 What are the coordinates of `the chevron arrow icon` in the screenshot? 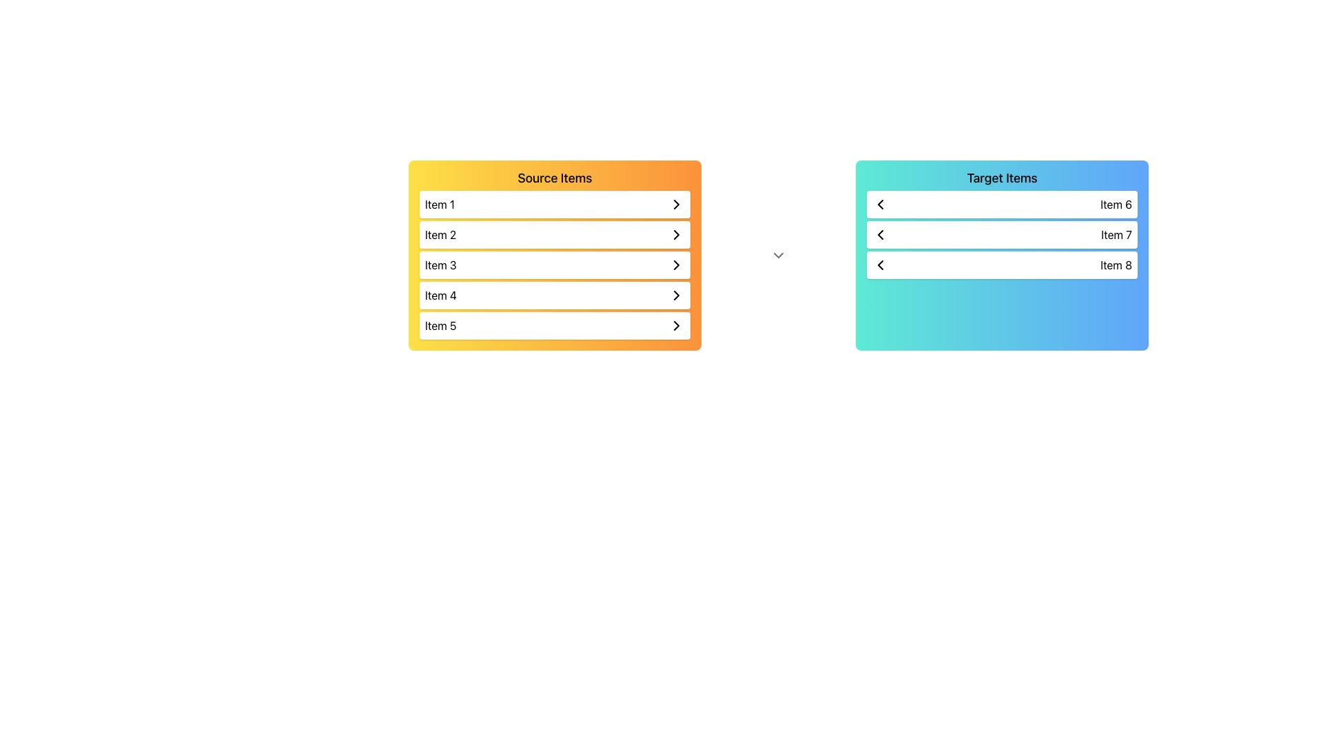 It's located at (676, 205).